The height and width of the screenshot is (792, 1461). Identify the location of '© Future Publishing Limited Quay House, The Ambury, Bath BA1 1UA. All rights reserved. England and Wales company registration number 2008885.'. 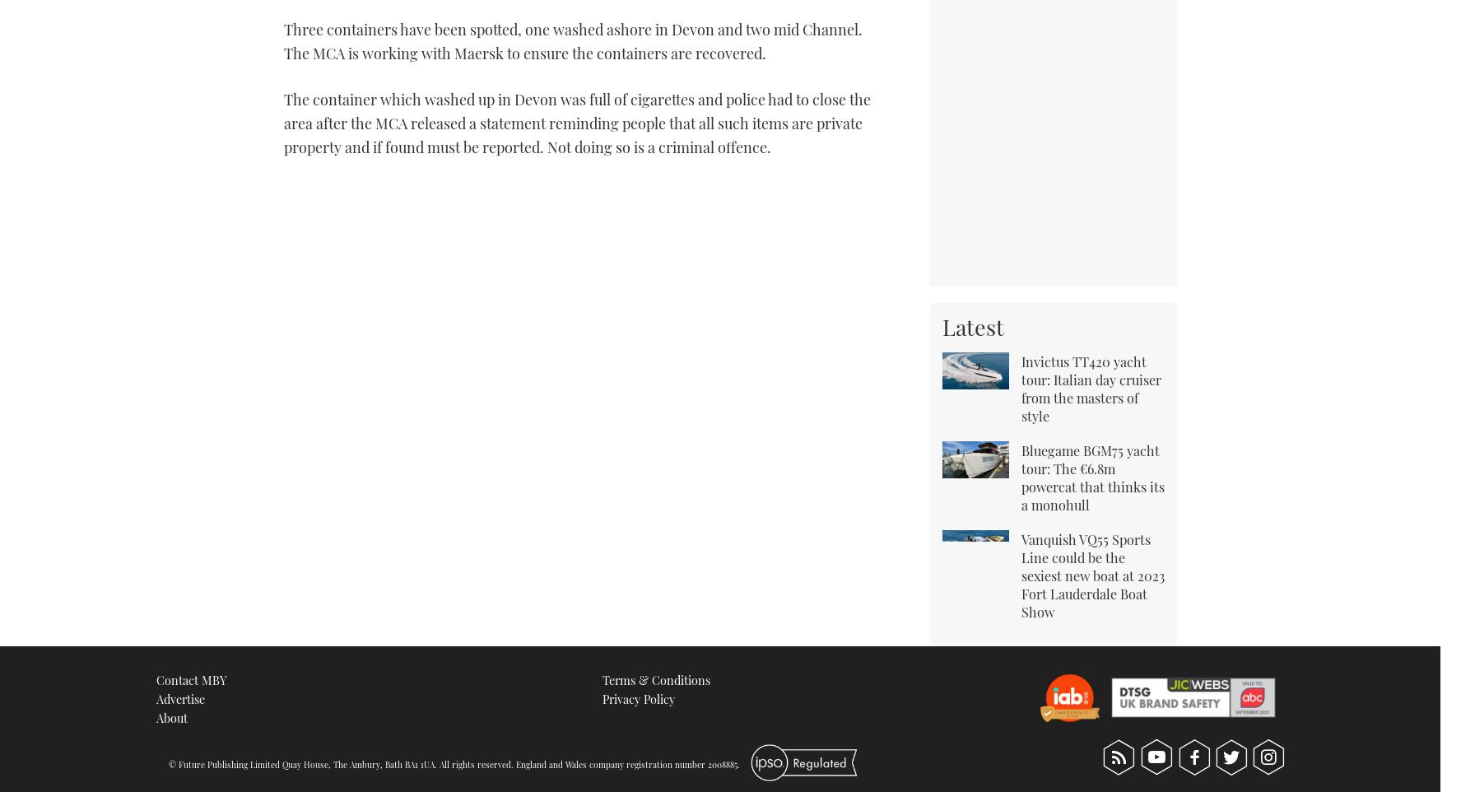
(454, 764).